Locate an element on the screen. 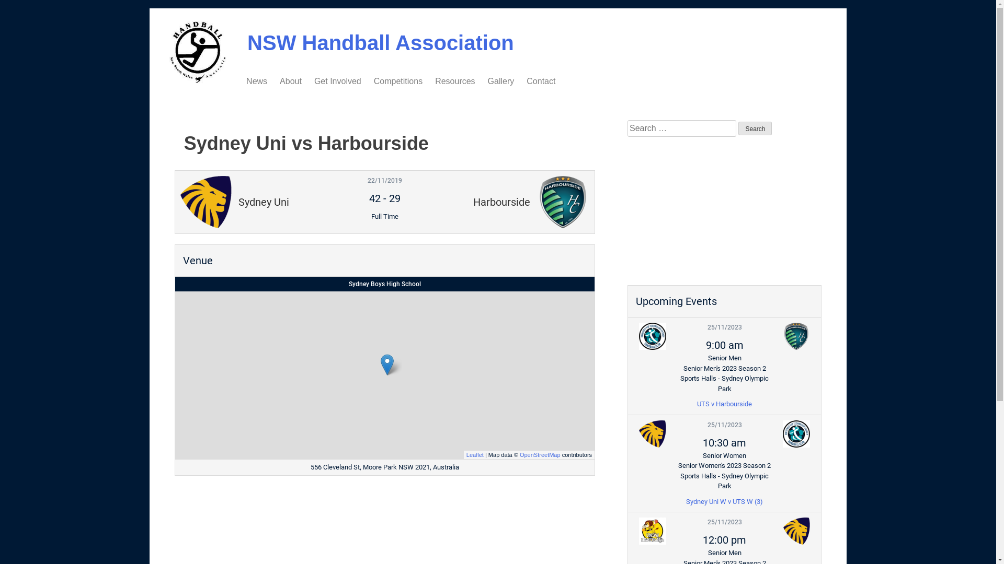 Image resolution: width=1004 pixels, height=564 pixels. 'Sydney Boys High School' is located at coordinates (384, 284).